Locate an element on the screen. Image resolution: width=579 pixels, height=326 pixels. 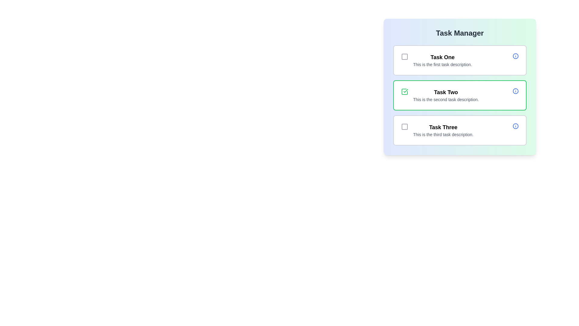
text content of the 'Task Two' label, which is a bold and prominent title displayed at the top of the second task card in the Task Manager interface is located at coordinates (446, 92).